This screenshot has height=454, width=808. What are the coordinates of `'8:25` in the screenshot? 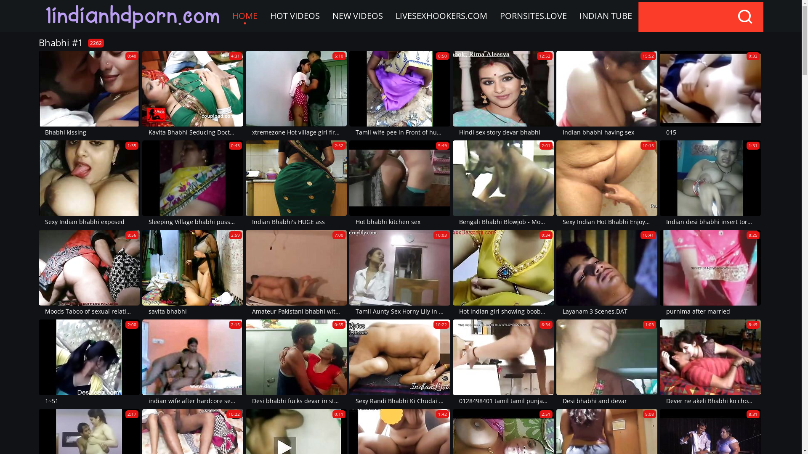 It's located at (659, 273).